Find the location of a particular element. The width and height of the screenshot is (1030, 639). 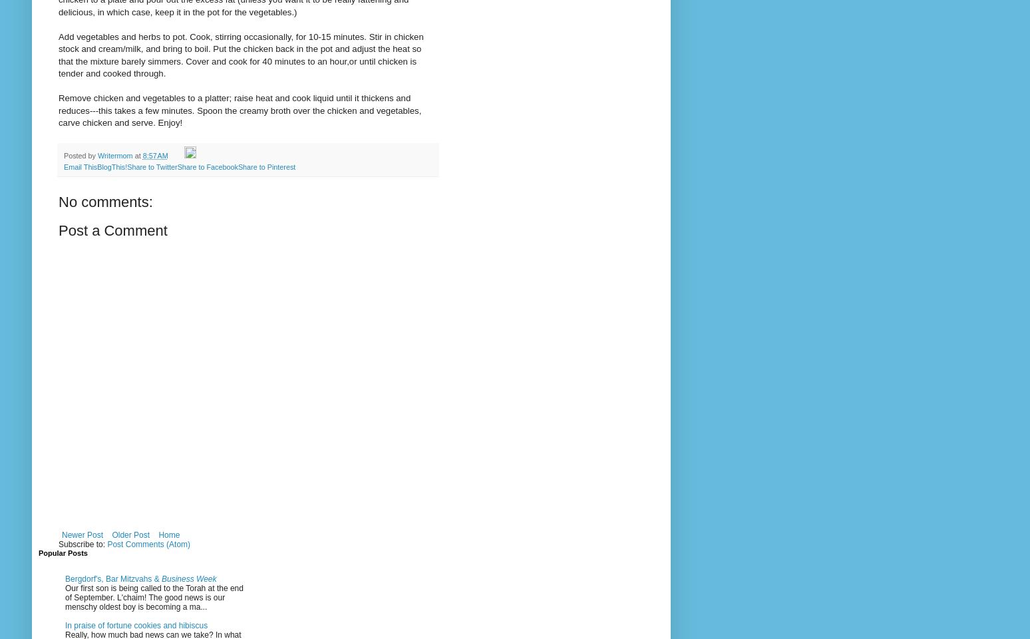

'Share to Facebook' is located at coordinates (176, 165).